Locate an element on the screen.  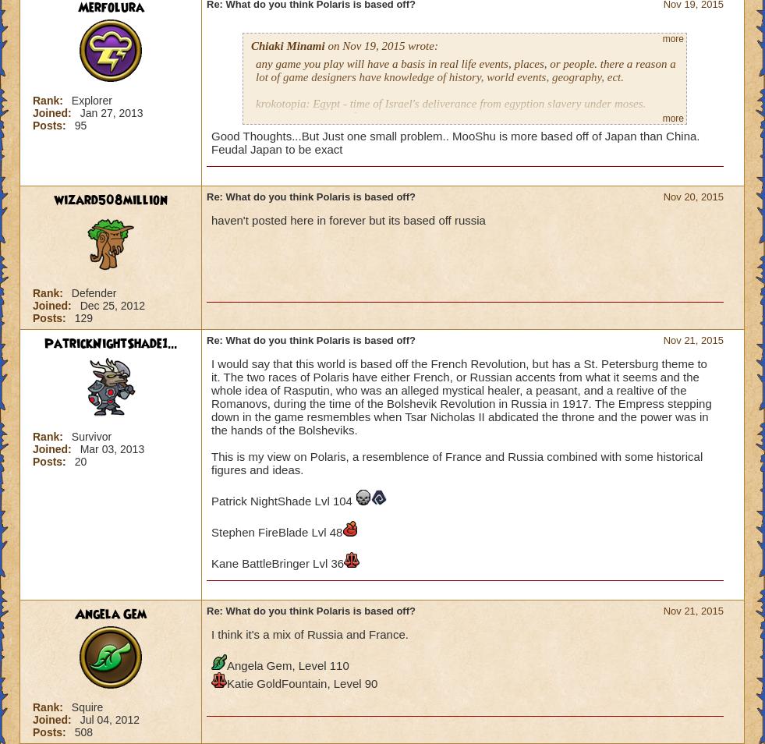
'Stephen FireBlade Lvl 48' is located at coordinates (210, 531).